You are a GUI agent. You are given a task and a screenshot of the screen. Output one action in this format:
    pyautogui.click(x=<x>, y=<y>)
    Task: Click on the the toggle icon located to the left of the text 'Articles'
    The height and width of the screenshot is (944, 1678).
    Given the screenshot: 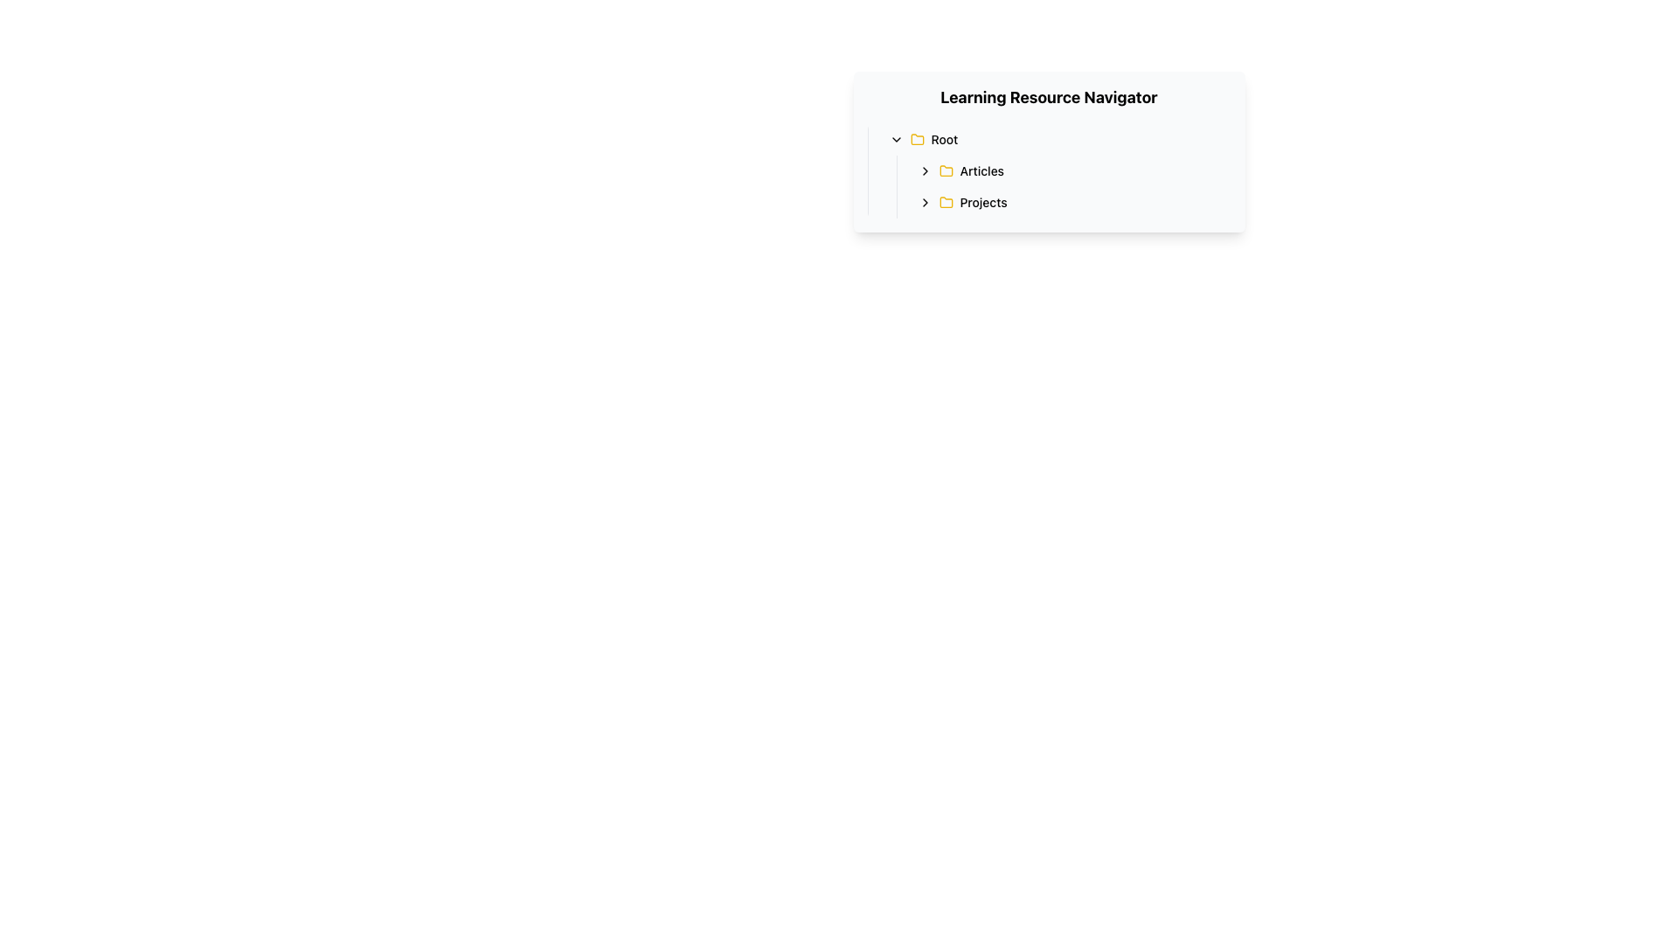 What is the action you would take?
    pyautogui.click(x=924, y=171)
    